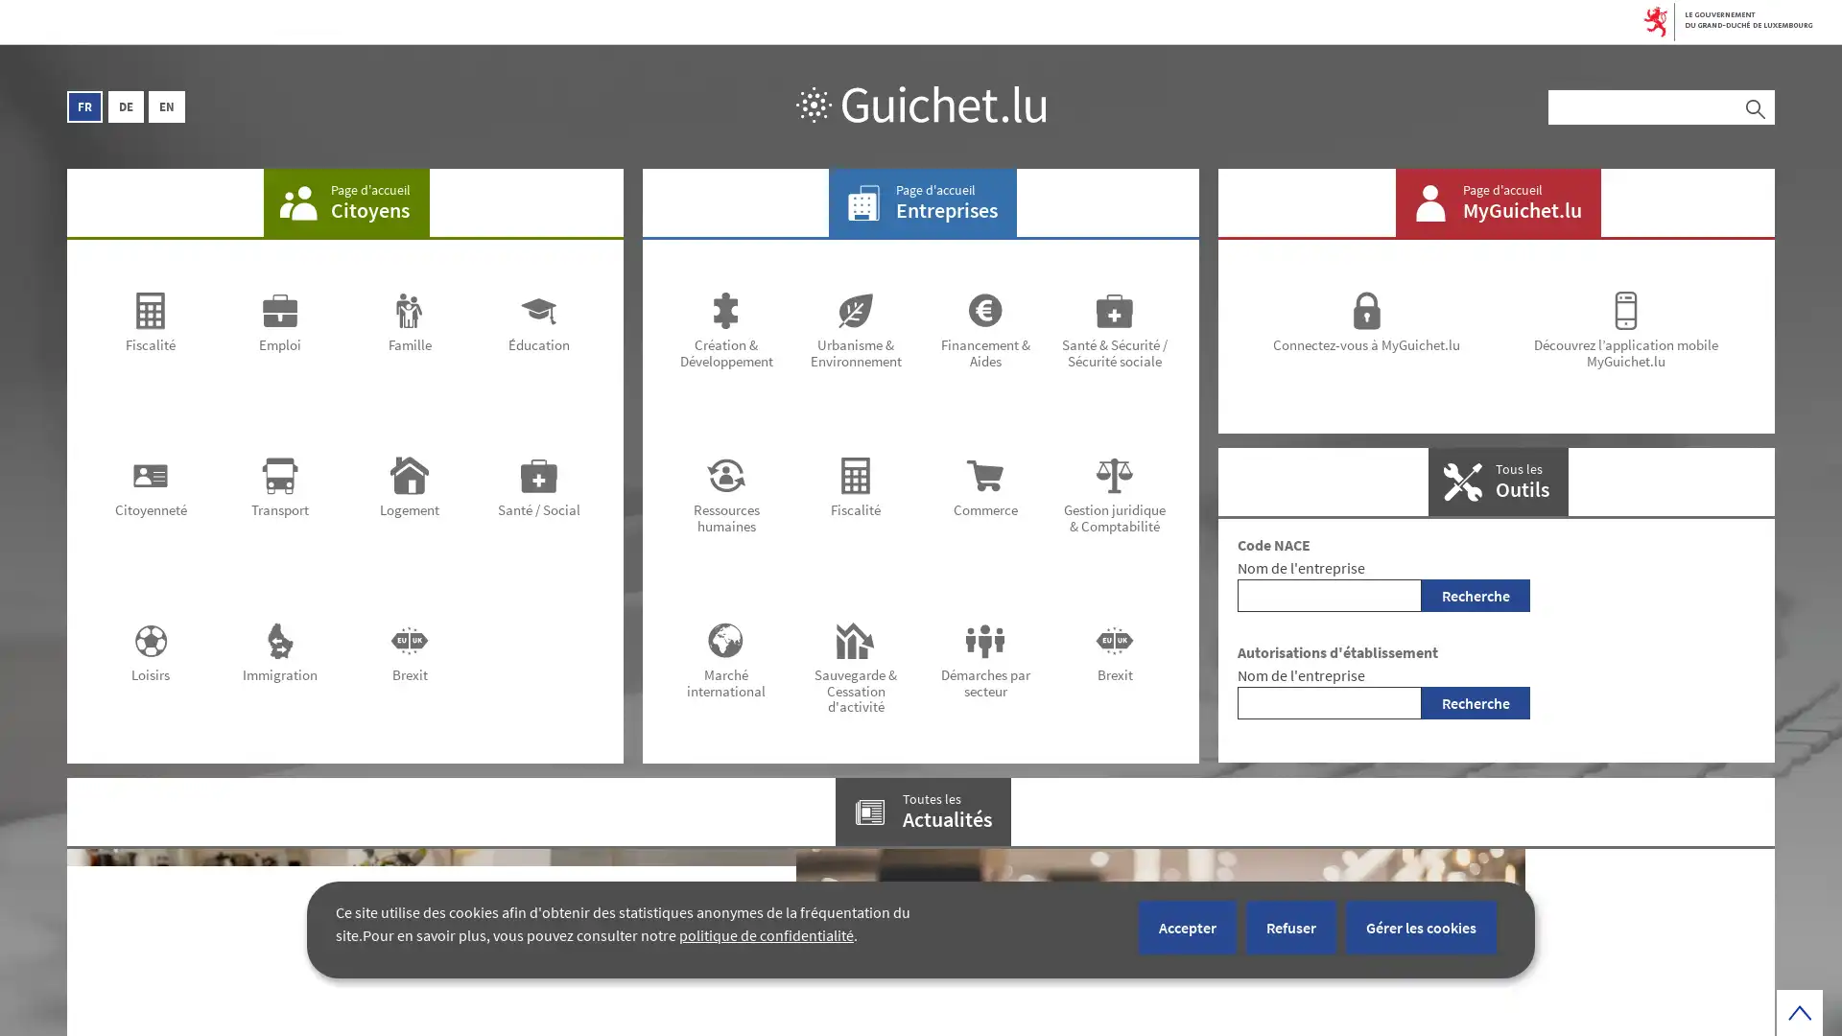 The image size is (1842, 1036). What do you see at coordinates (1187, 927) in the screenshot?
I see `Accepter` at bounding box center [1187, 927].